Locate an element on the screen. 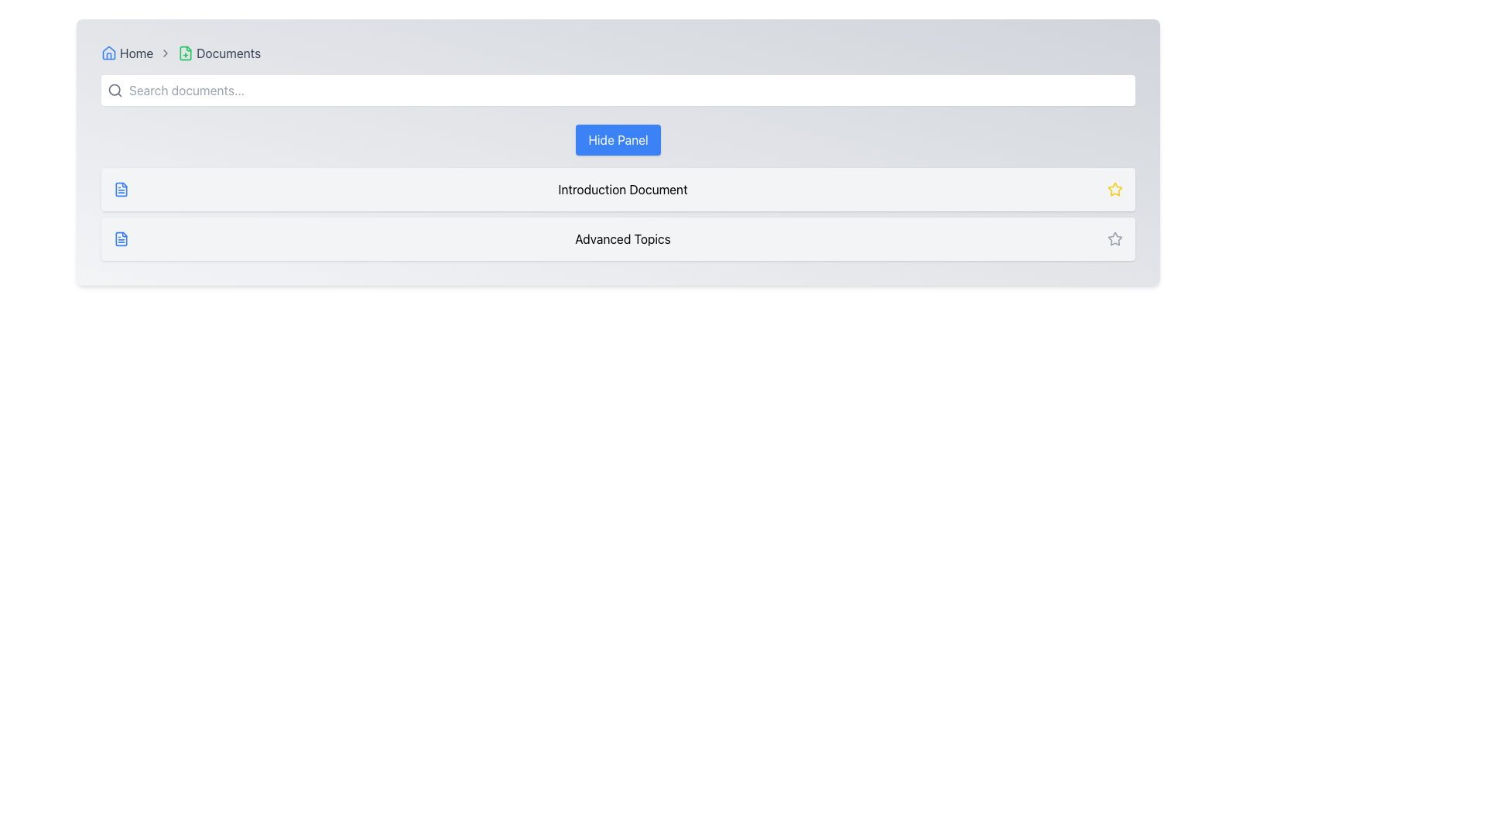  the document icon located in the second row of the list, positioned towards the left side near the margin is located at coordinates (121, 238).